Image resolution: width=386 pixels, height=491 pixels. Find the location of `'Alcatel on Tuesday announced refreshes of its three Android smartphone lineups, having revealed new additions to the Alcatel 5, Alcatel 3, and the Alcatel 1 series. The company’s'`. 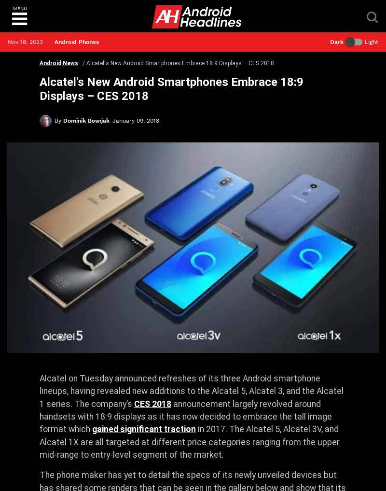

'Alcatel on Tuesday announced refreshes of its three Android smartphone lineups, having revealed new additions to the Alcatel 5, Alcatel 3, and the Alcatel 1 series. The company’s' is located at coordinates (191, 390).